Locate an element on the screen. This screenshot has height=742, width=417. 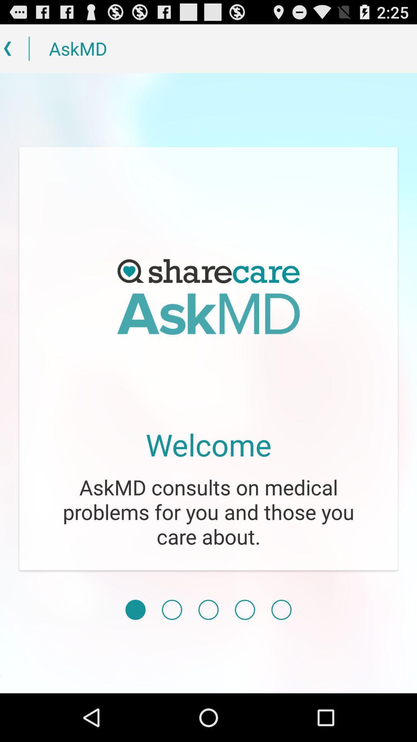
icon below the askmd consults on item is located at coordinates (245, 609).